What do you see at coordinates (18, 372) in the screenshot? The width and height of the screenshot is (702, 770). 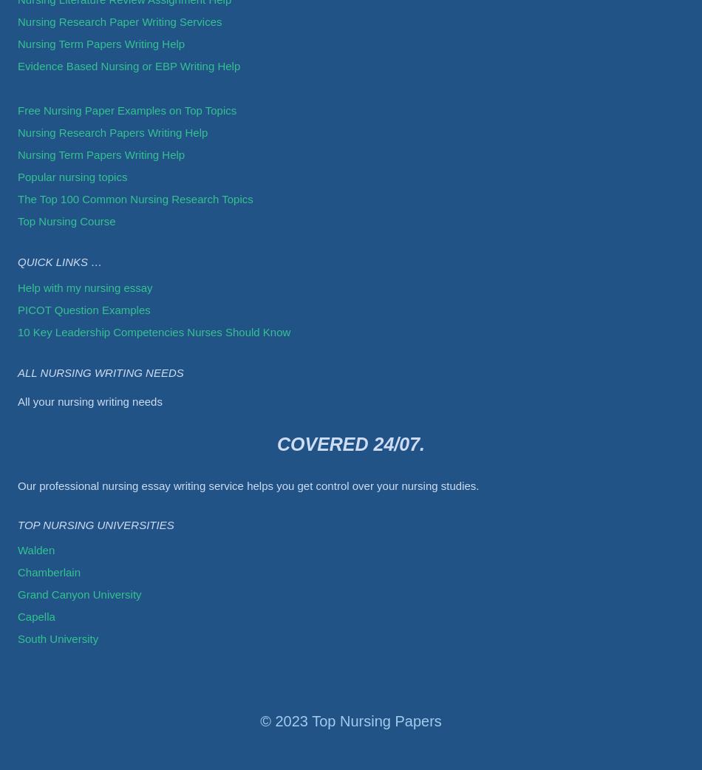 I see `'All Nursing Writing Needs'` at bounding box center [18, 372].